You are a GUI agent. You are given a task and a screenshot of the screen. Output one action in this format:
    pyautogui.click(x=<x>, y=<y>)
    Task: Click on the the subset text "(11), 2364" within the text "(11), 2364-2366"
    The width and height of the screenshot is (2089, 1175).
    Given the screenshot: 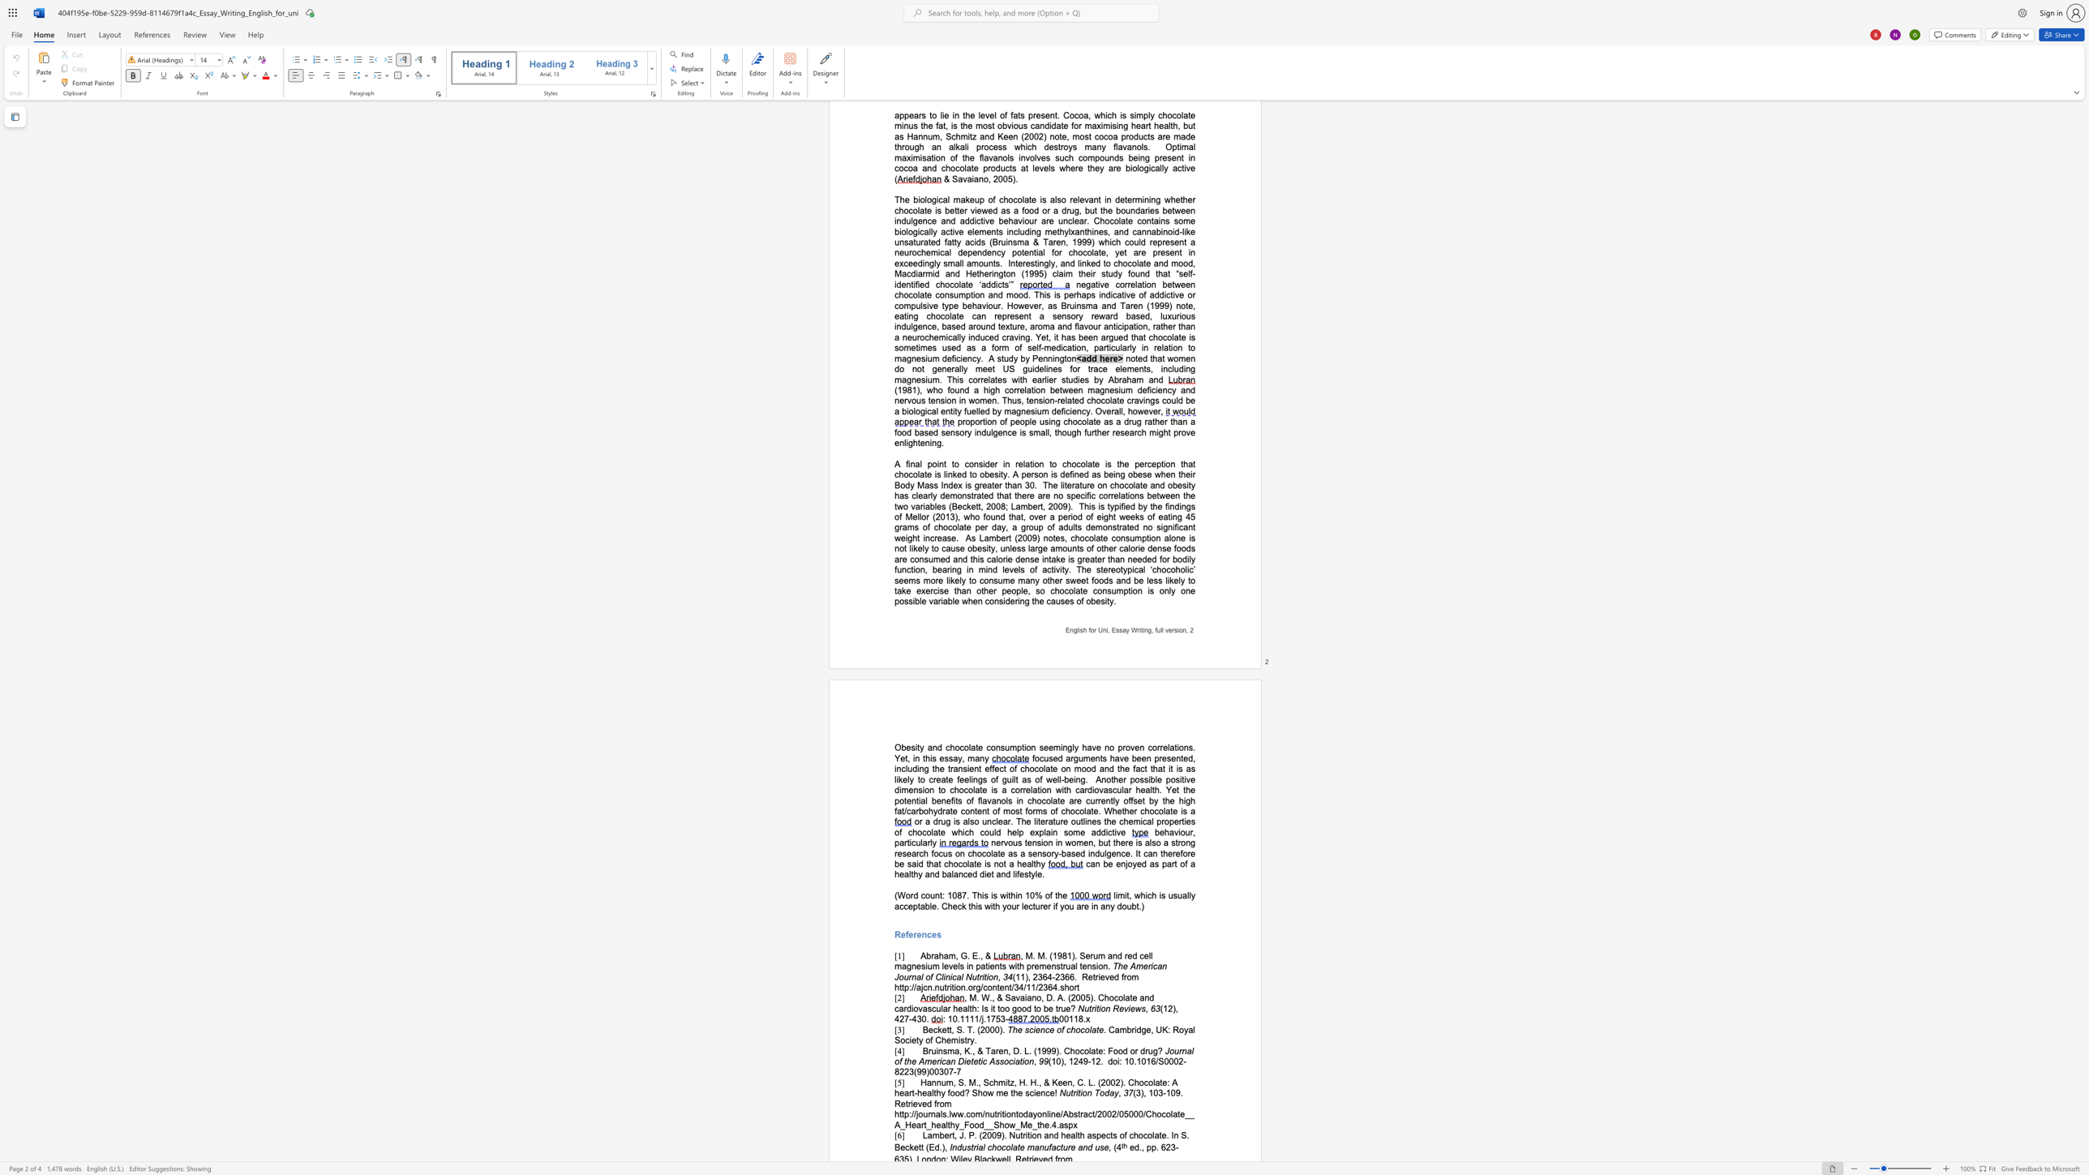 What is the action you would take?
    pyautogui.click(x=1012, y=976)
    